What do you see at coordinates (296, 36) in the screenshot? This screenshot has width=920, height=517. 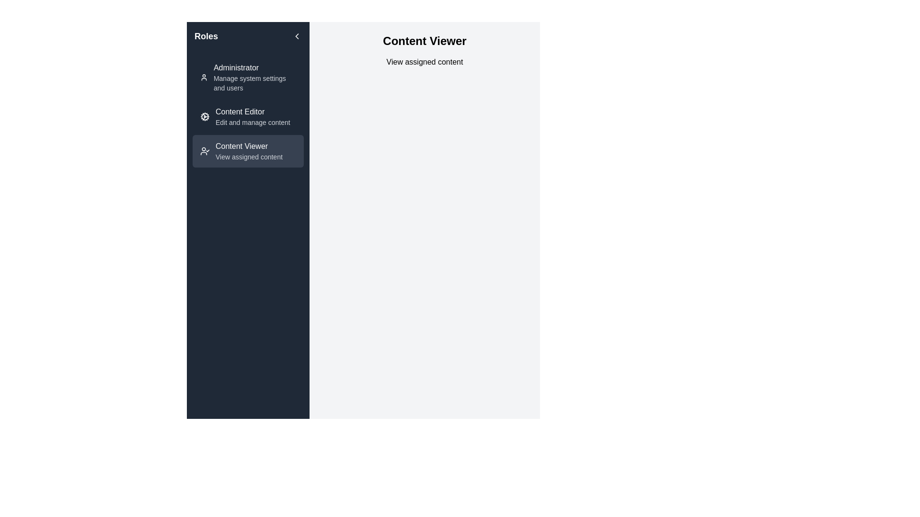 I see `the left-facing chevron icon located in the left-side navigation panel, adjacent to the header text 'Roles'` at bounding box center [296, 36].